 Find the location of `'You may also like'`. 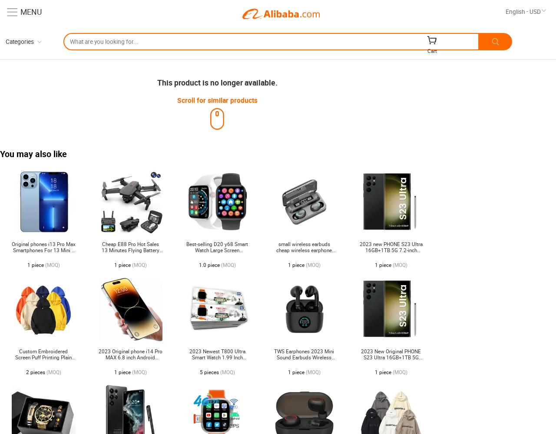

'You may also like' is located at coordinates (33, 154).